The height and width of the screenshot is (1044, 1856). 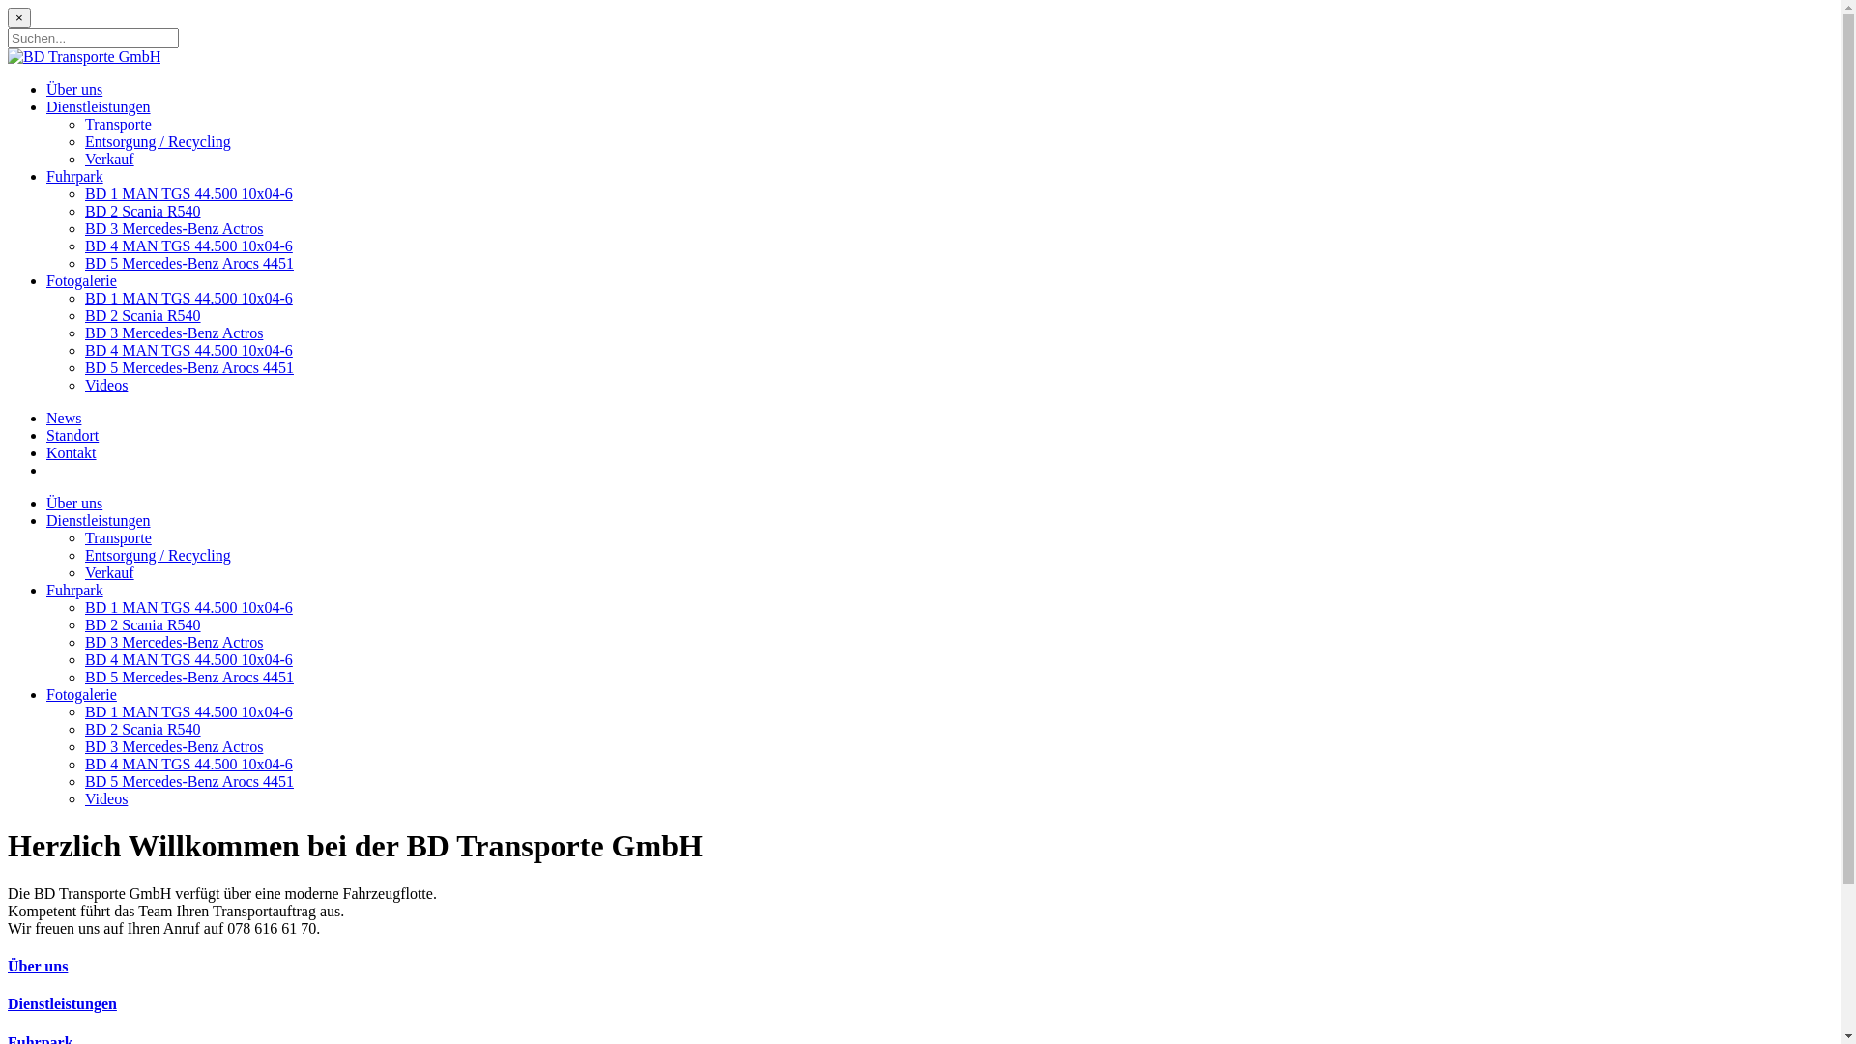 What do you see at coordinates (188, 606) in the screenshot?
I see `'BD 1 MAN TGS 44.500 10x04-6'` at bounding box center [188, 606].